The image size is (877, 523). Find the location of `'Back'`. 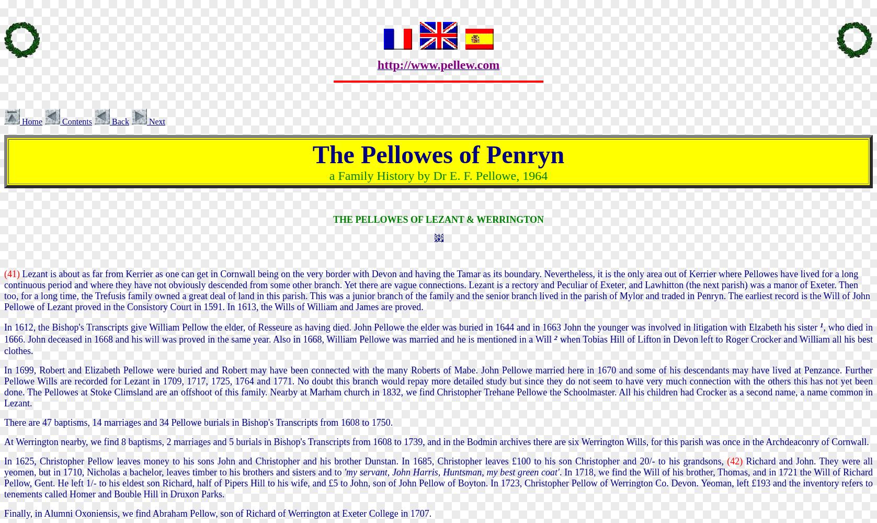

'Back' is located at coordinates (119, 121).